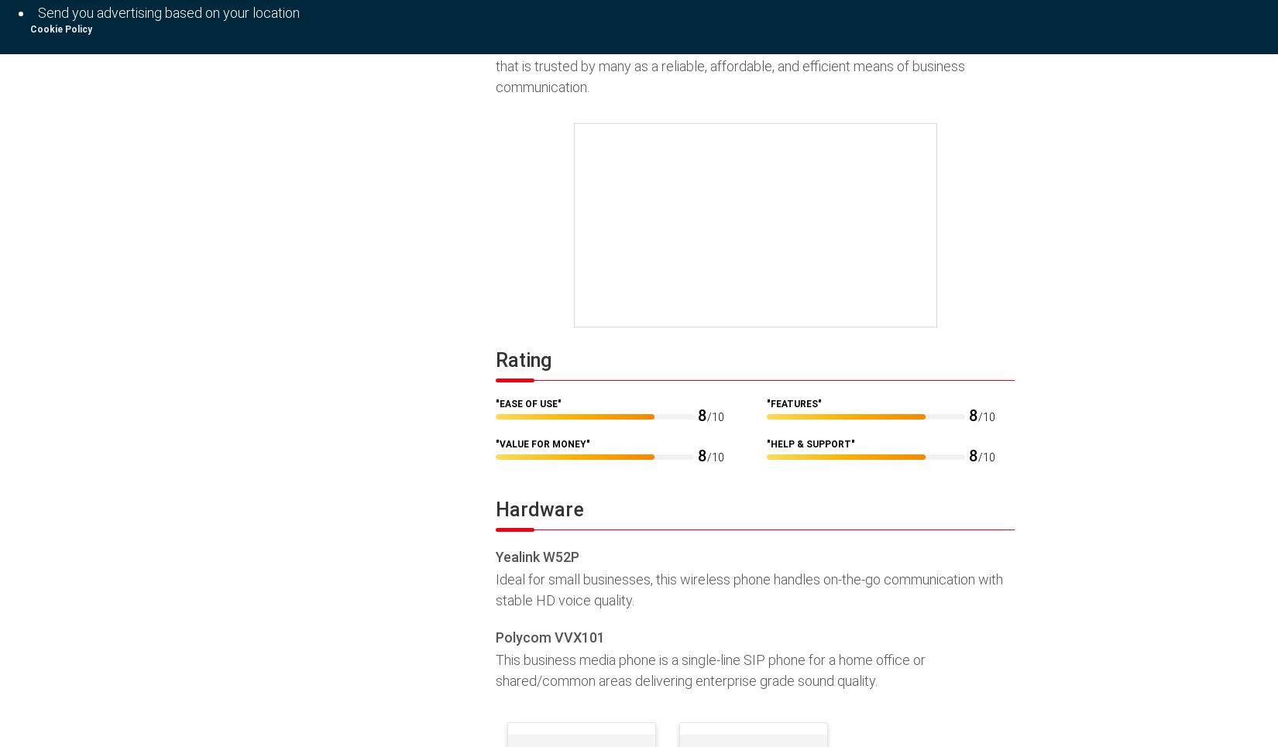 This screenshot has height=747, width=1278. What do you see at coordinates (549, 636) in the screenshot?
I see `'Polycom VVX101'` at bounding box center [549, 636].